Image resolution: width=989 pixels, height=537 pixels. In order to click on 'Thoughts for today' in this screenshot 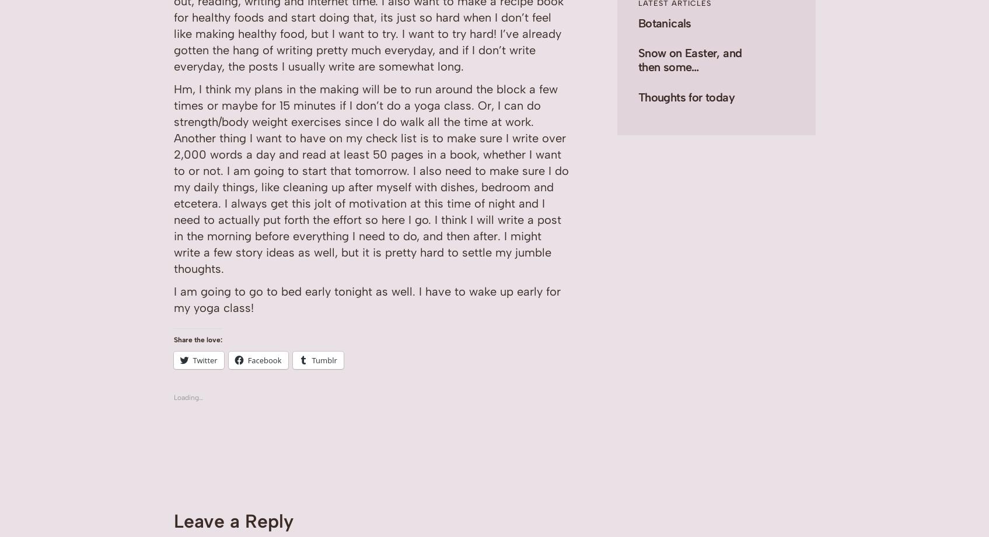, I will do `click(637, 96)`.